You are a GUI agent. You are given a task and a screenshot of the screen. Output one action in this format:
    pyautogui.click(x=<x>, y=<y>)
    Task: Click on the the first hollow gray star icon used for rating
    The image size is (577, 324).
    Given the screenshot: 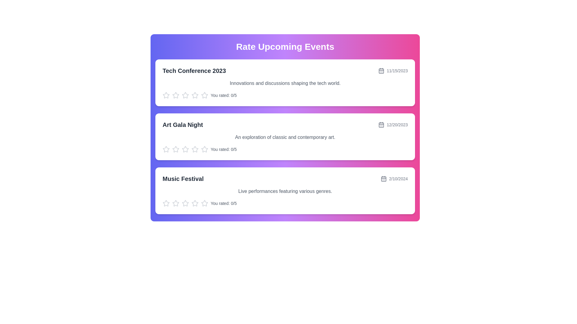 What is the action you would take?
    pyautogui.click(x=166, y=203)
    